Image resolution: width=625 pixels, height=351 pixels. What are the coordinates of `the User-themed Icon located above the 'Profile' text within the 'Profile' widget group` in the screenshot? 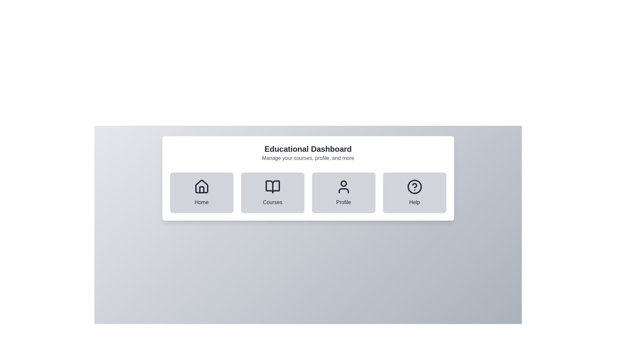 It's located at (343, 187).